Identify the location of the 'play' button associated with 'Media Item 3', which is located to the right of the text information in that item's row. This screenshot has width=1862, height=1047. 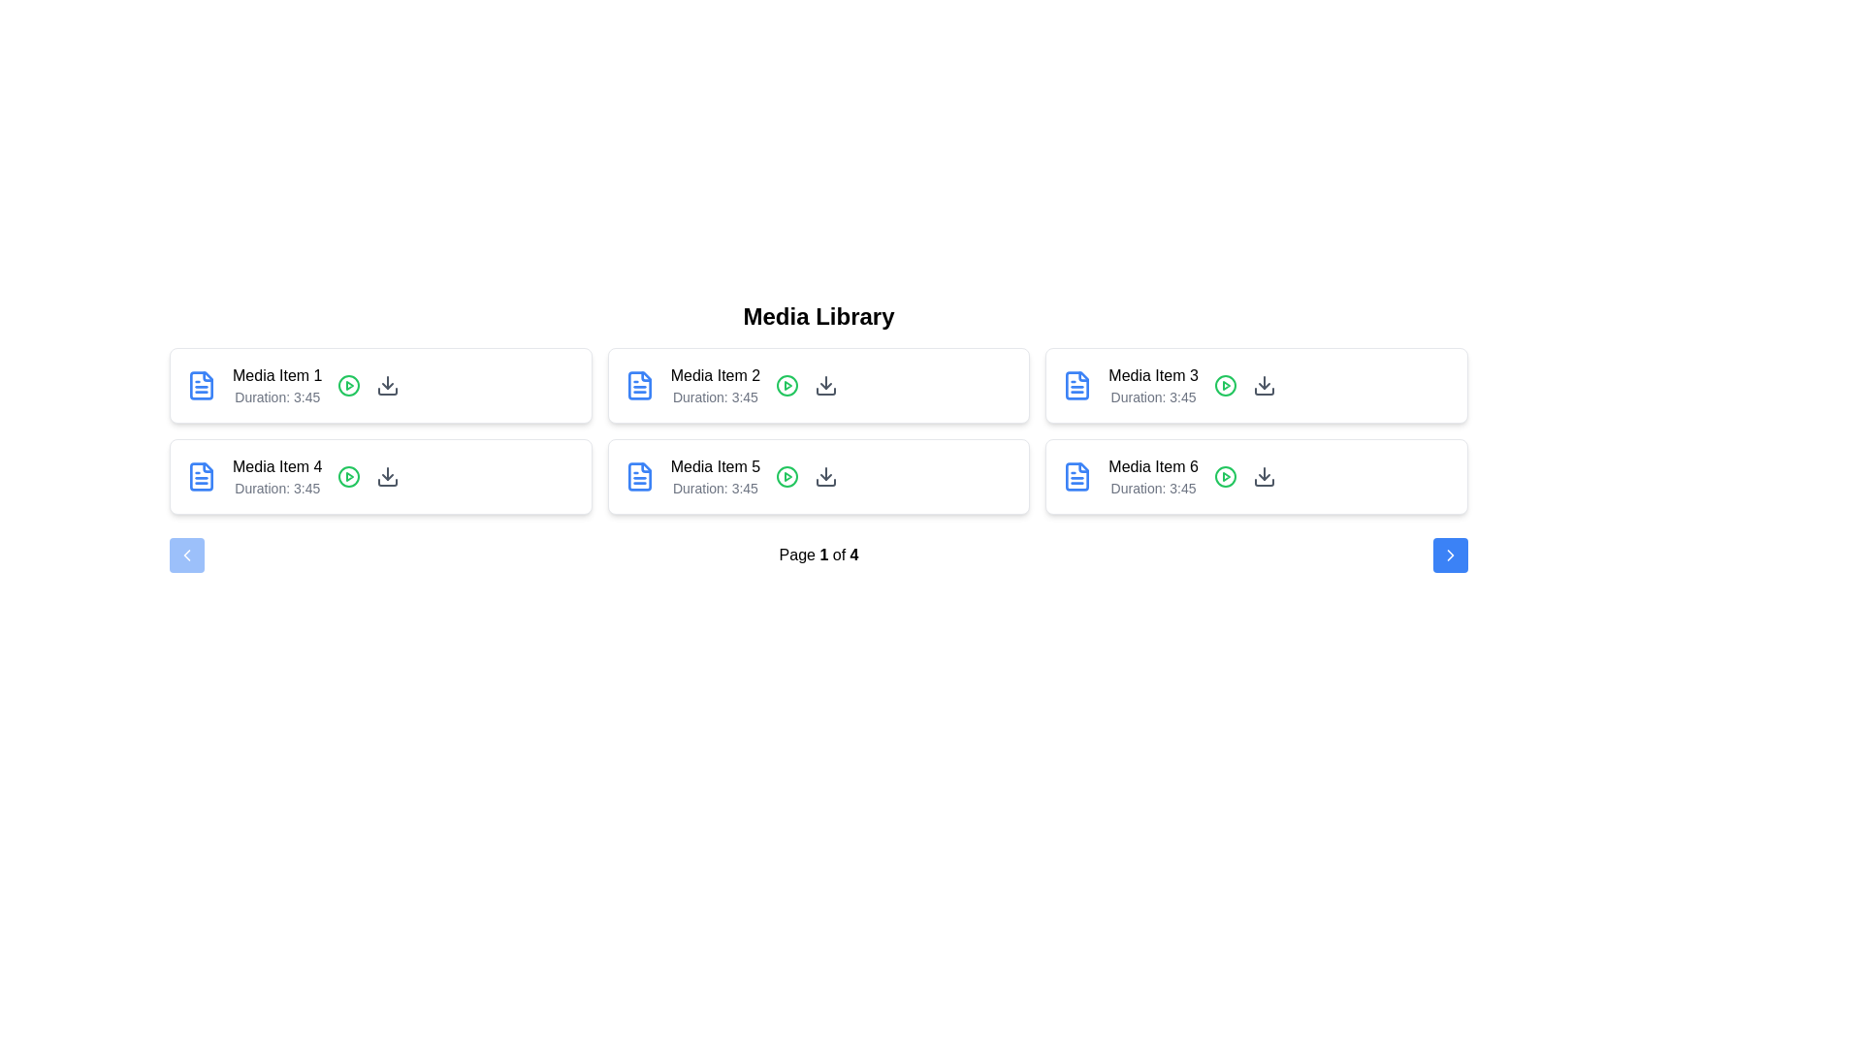
(1224, 385).